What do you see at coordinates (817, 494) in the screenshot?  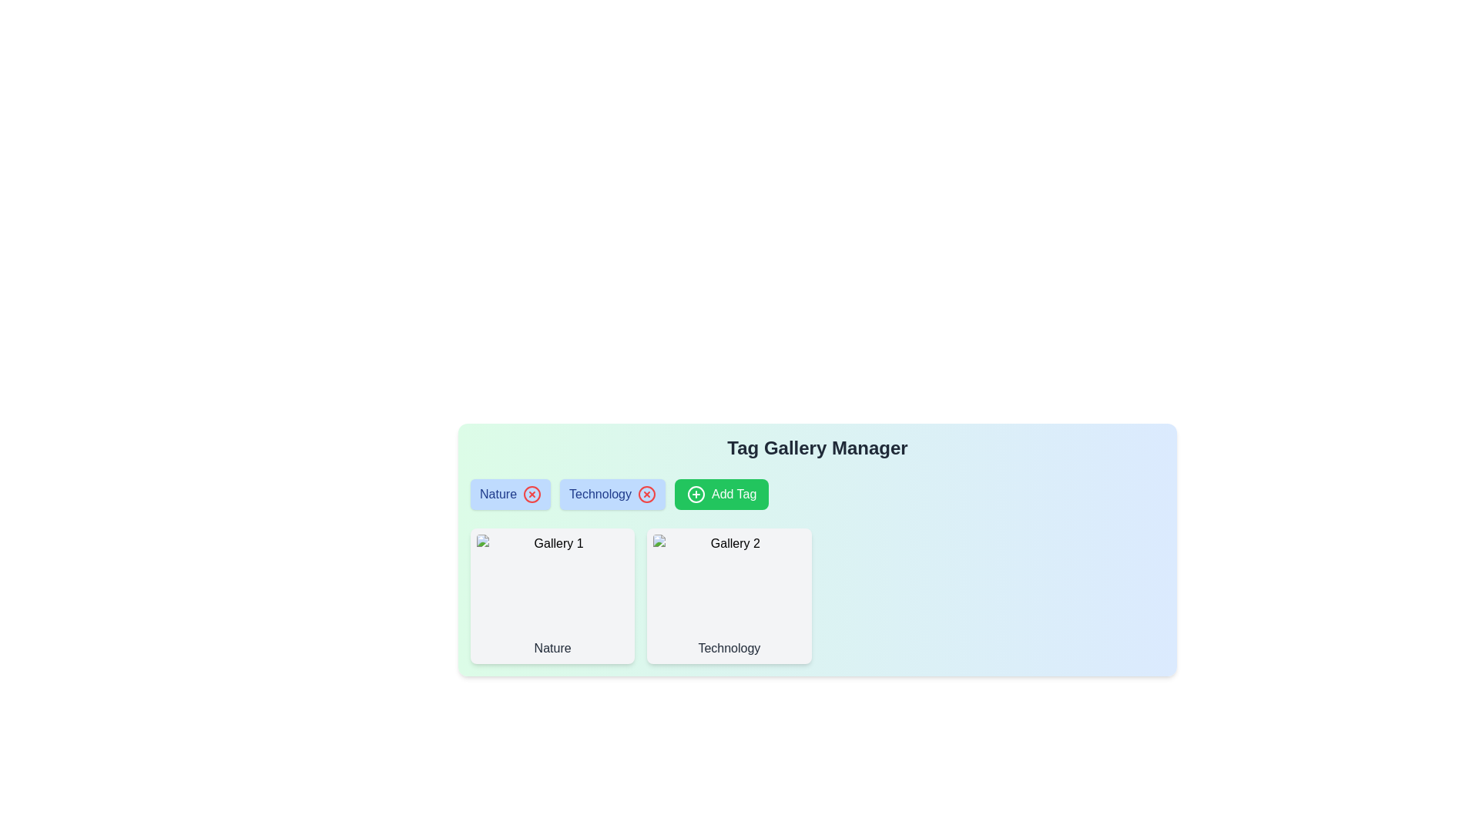 I see `the 'Nature' or 'Technology' tag in the Tag Gallery Manager` at bounding box center [817, 494].